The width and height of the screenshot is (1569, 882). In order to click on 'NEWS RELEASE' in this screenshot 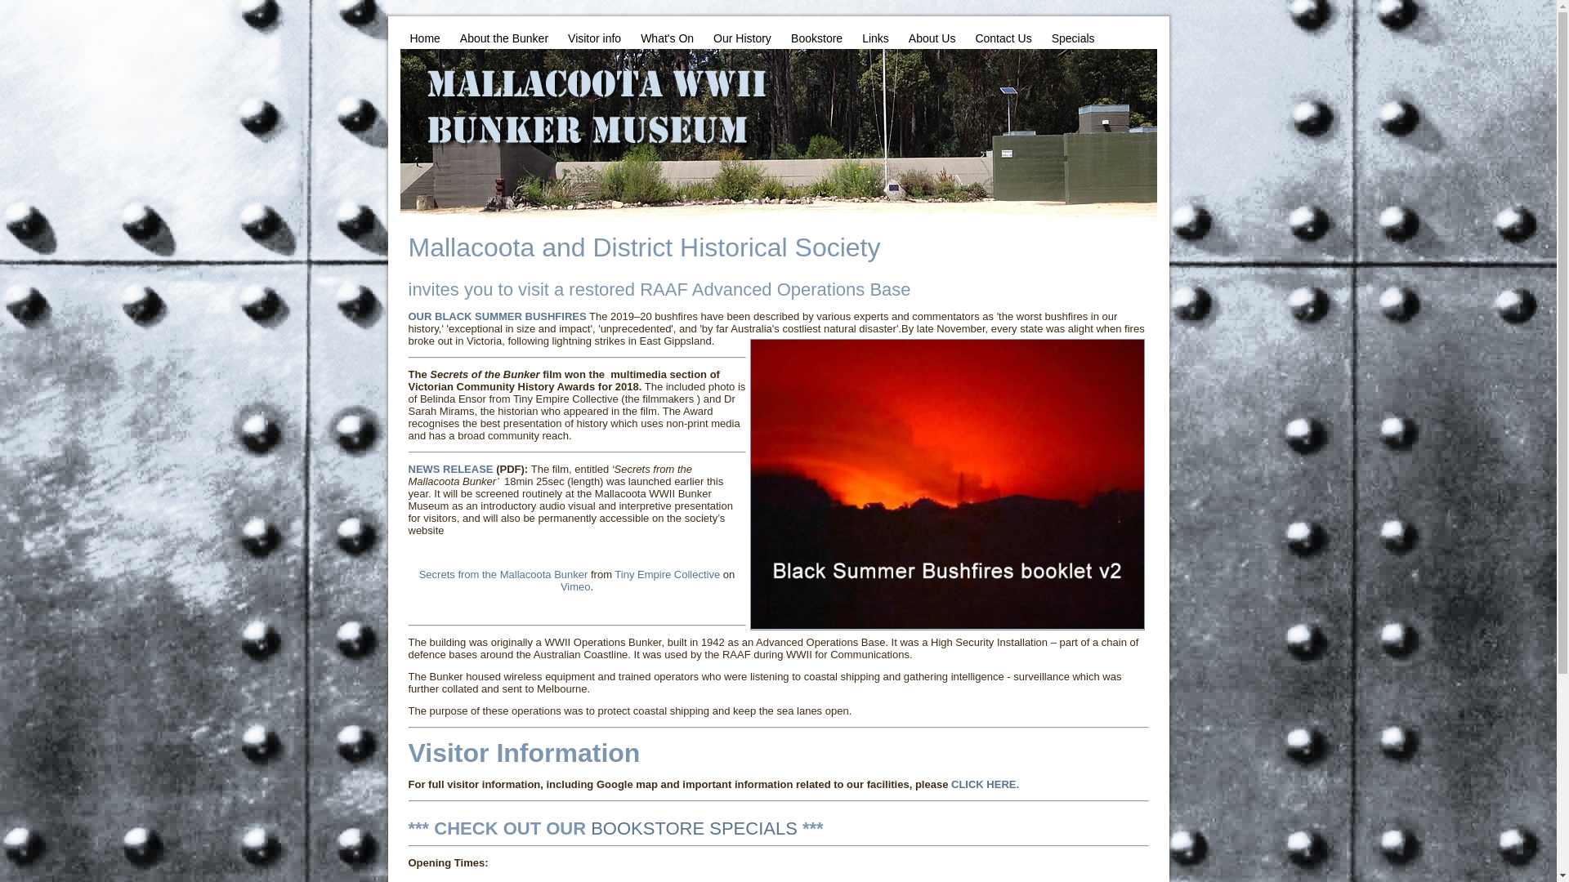, I will do `click(451, 469)`.